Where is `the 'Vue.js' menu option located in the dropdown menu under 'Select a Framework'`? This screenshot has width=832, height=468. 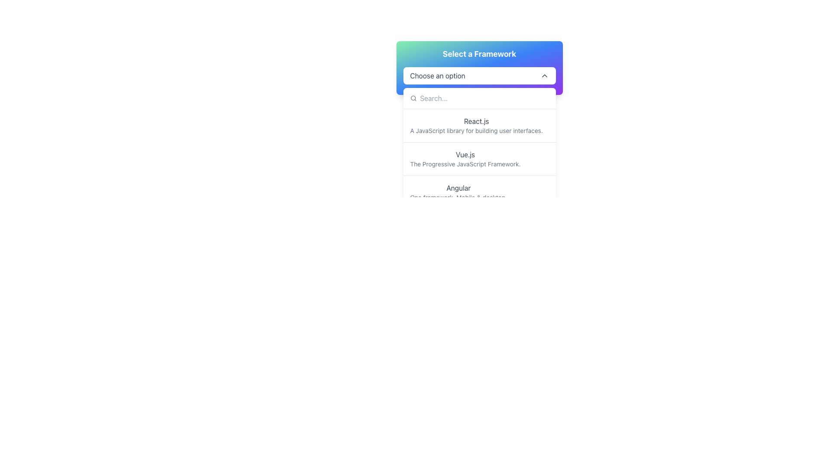
the 'Vue.js' menu option located in the dropdown menu under 'Select a Framework' is located at coordinates (465, 159).